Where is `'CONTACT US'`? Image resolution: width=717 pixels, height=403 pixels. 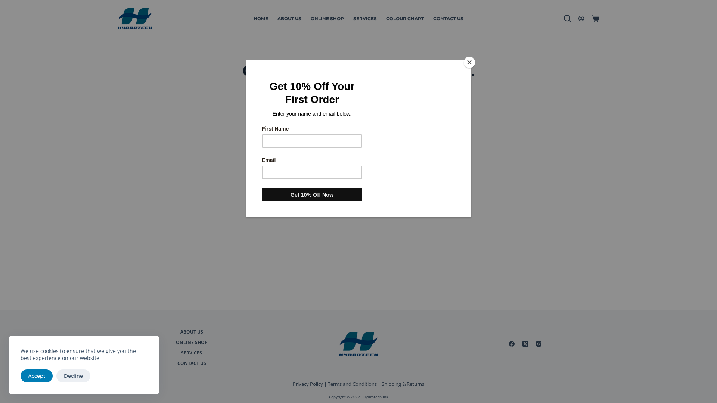 'CONTACT US' is located at coordinates (192, 363).